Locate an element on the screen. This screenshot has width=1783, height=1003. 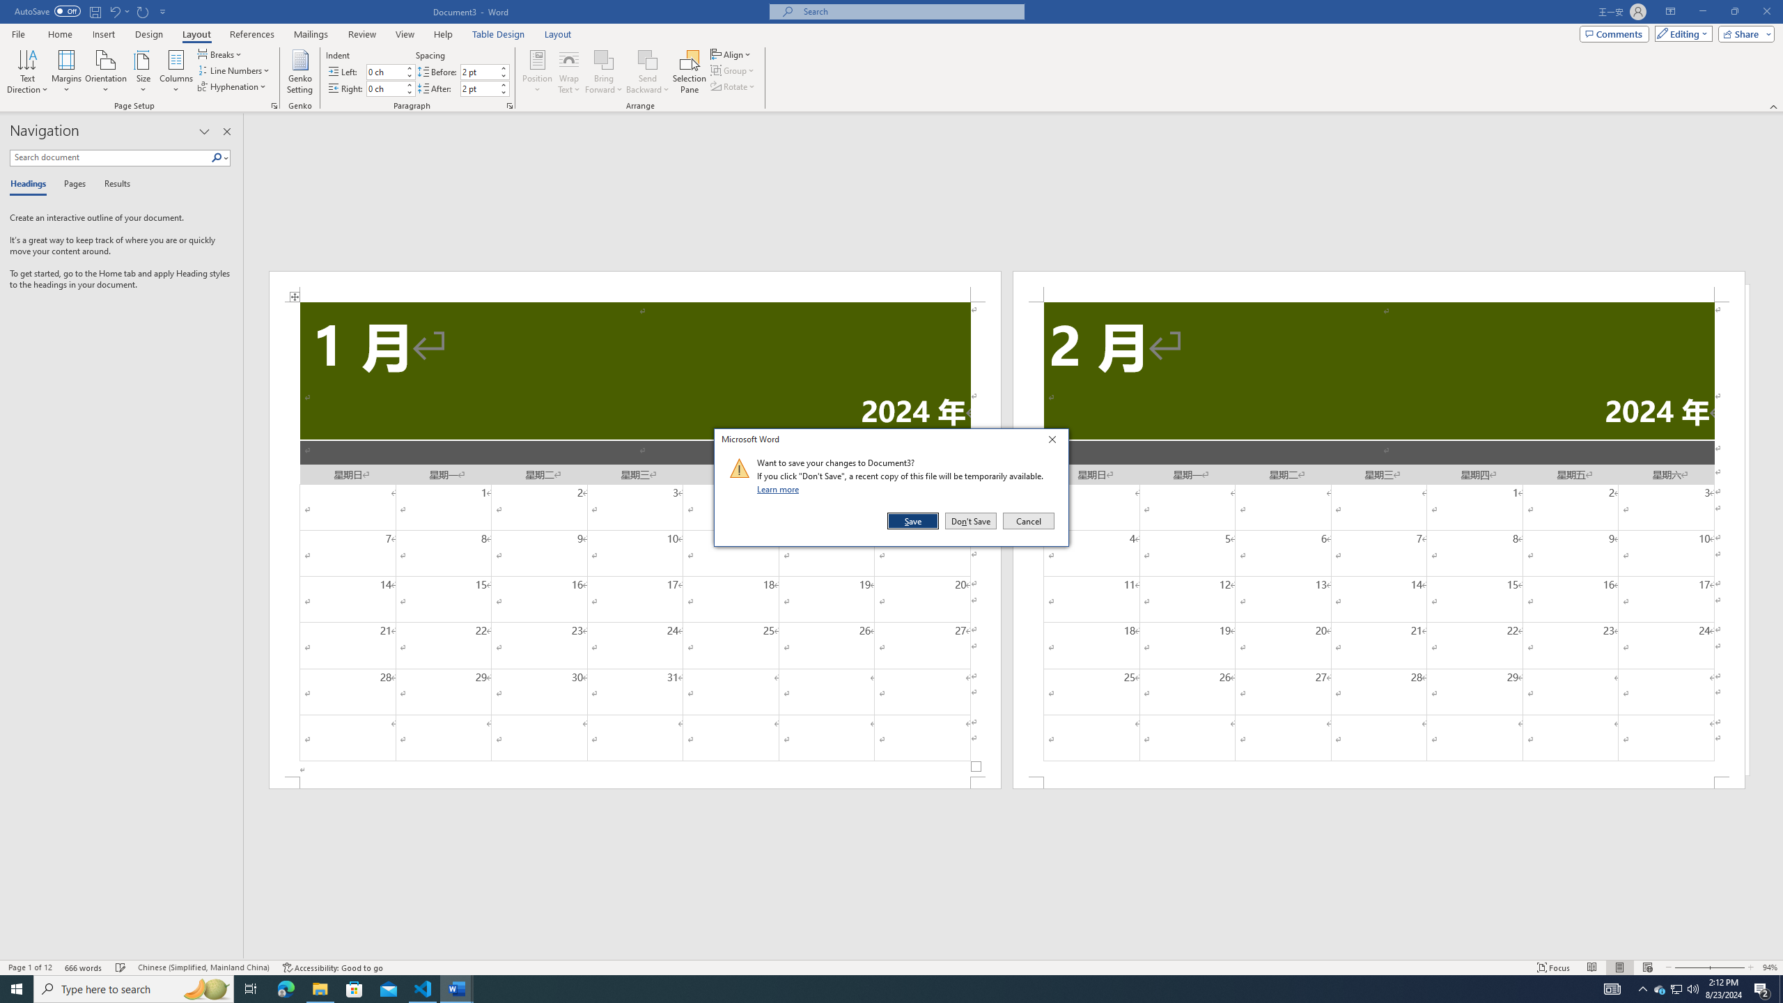
'Text Direction' is located at coordinates (26, 72).